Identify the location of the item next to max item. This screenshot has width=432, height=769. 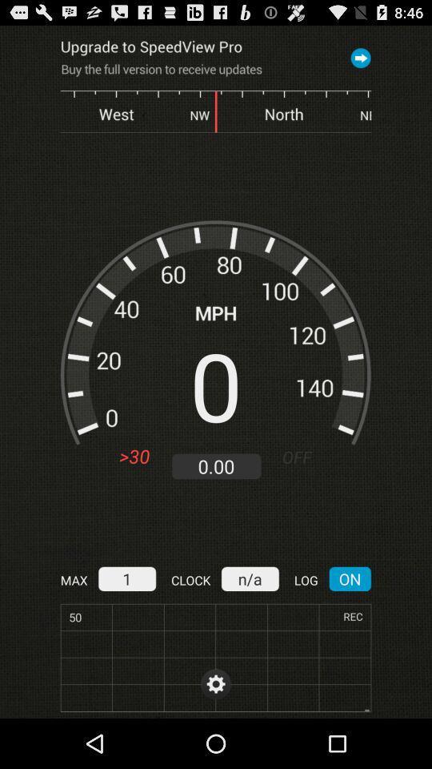
(126, 578).